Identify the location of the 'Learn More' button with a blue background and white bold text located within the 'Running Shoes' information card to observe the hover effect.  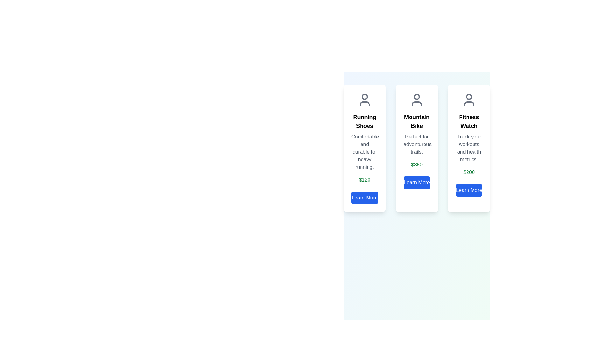
(365, 198).